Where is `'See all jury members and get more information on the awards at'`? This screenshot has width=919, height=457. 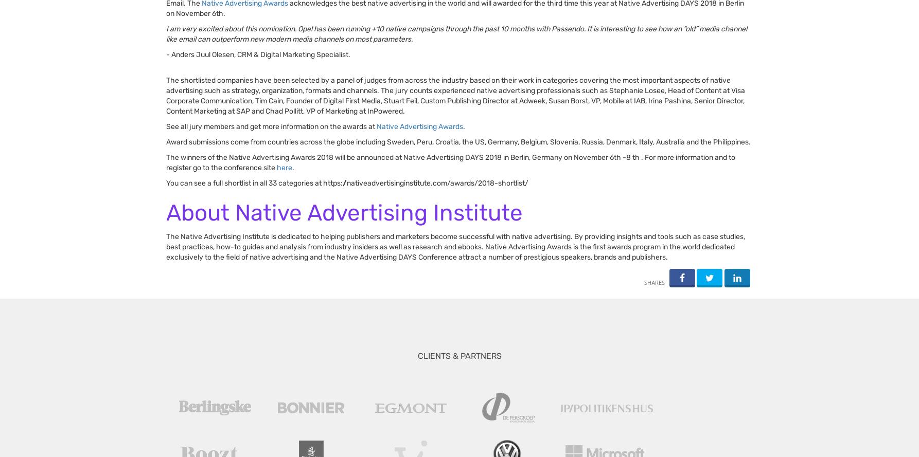 'See all jury members and get more information on the awards at' is located at coordinates (271, 126).